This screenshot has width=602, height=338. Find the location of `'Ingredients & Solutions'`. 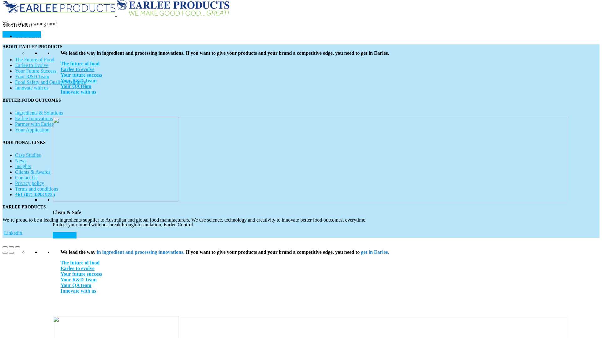

'Ingredients & Solutions' is located at coordinates (39, 113).